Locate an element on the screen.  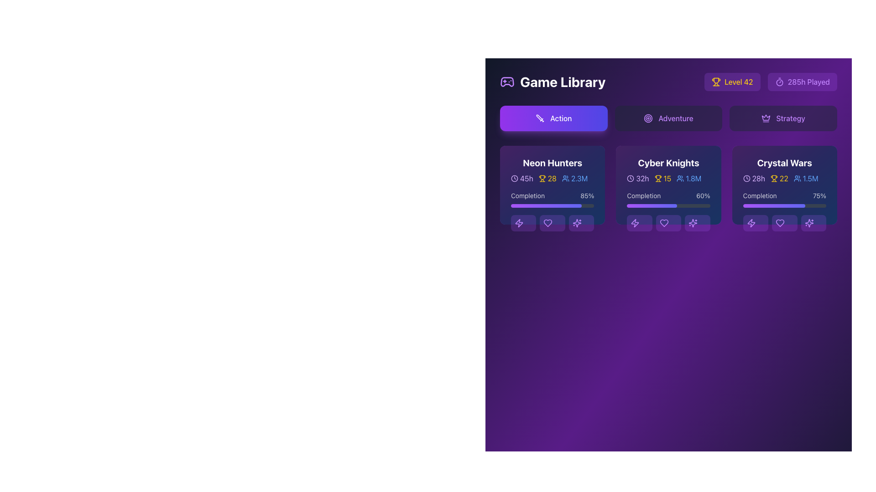
the static text label displaying 'Completion' in white font on a dark purple background, located within the card for 'Neon Hunters' is located at coordinates (527, 195).